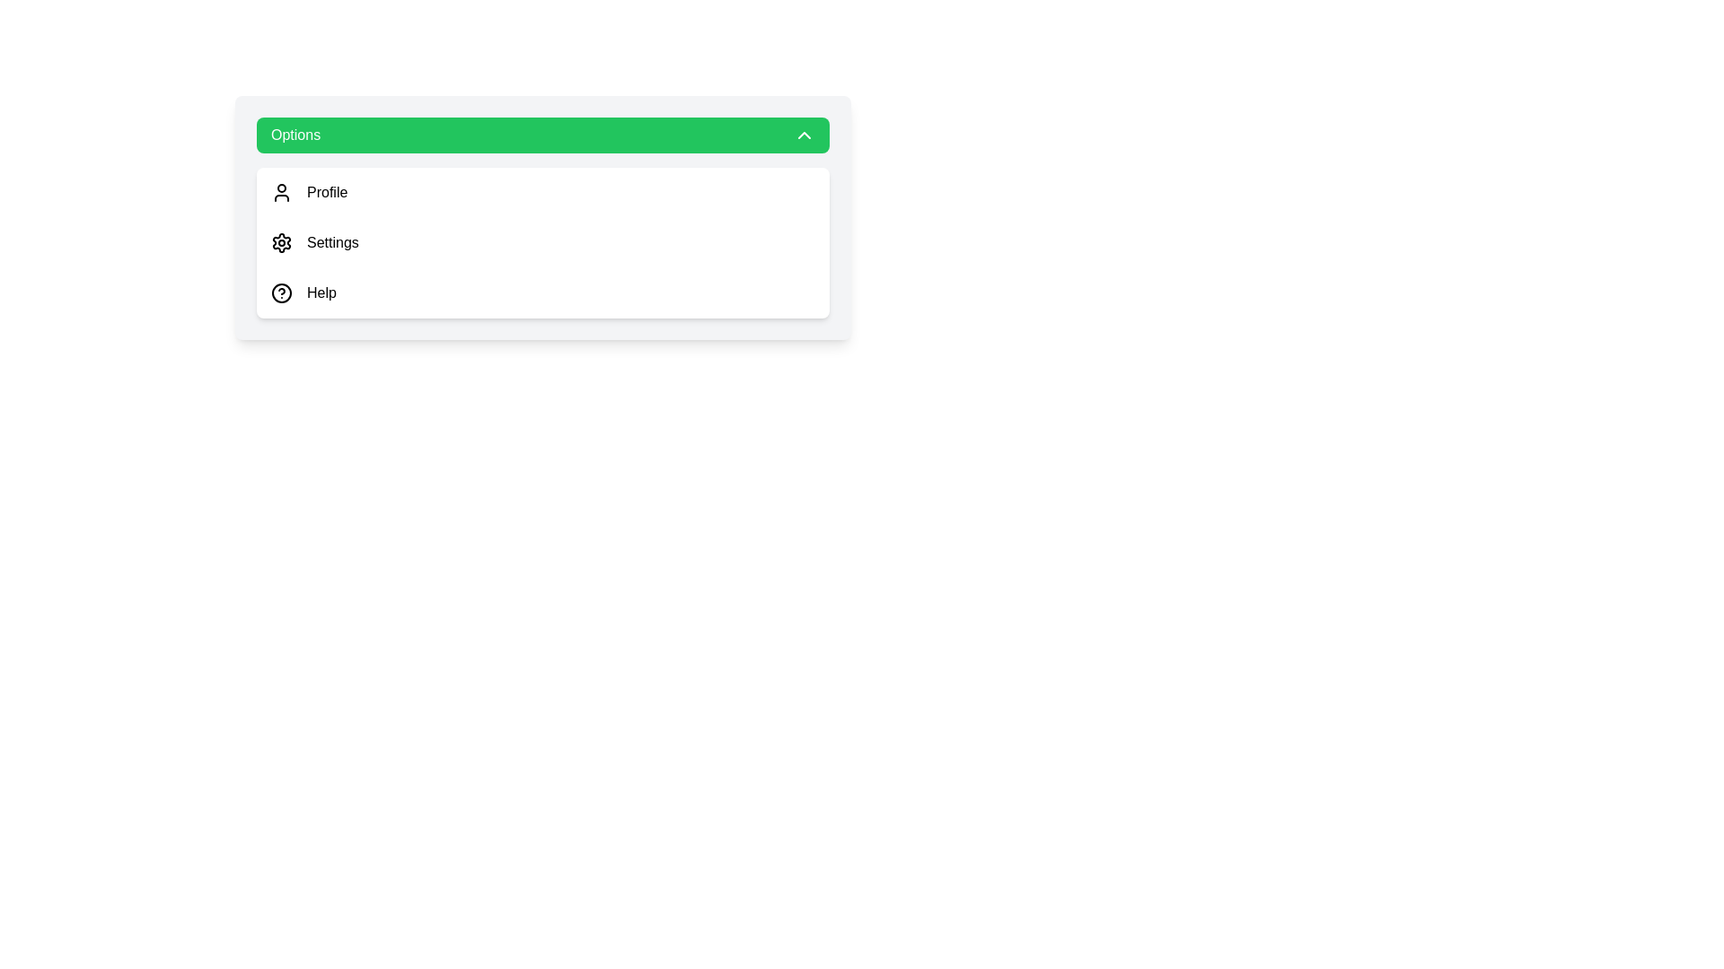 Image resolution: width=1724 pixels, height=969 pixels. What do you see at coordinates (321, 292) in the screenshot?
I see `text label that says 'Help', which is styled in a sans-serif font and is black in color, located to the right of a help icon in the lower section of a dropdown menu` at bounding box center [321, 292].